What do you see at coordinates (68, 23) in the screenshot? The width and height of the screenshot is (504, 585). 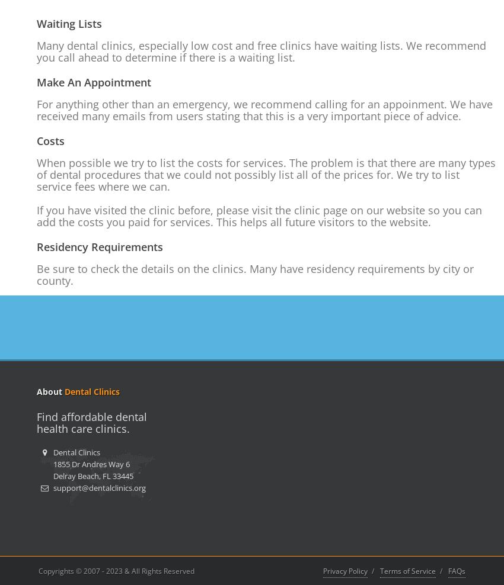 I see `'Waiting Lists'` at bounding box center [68, 23].